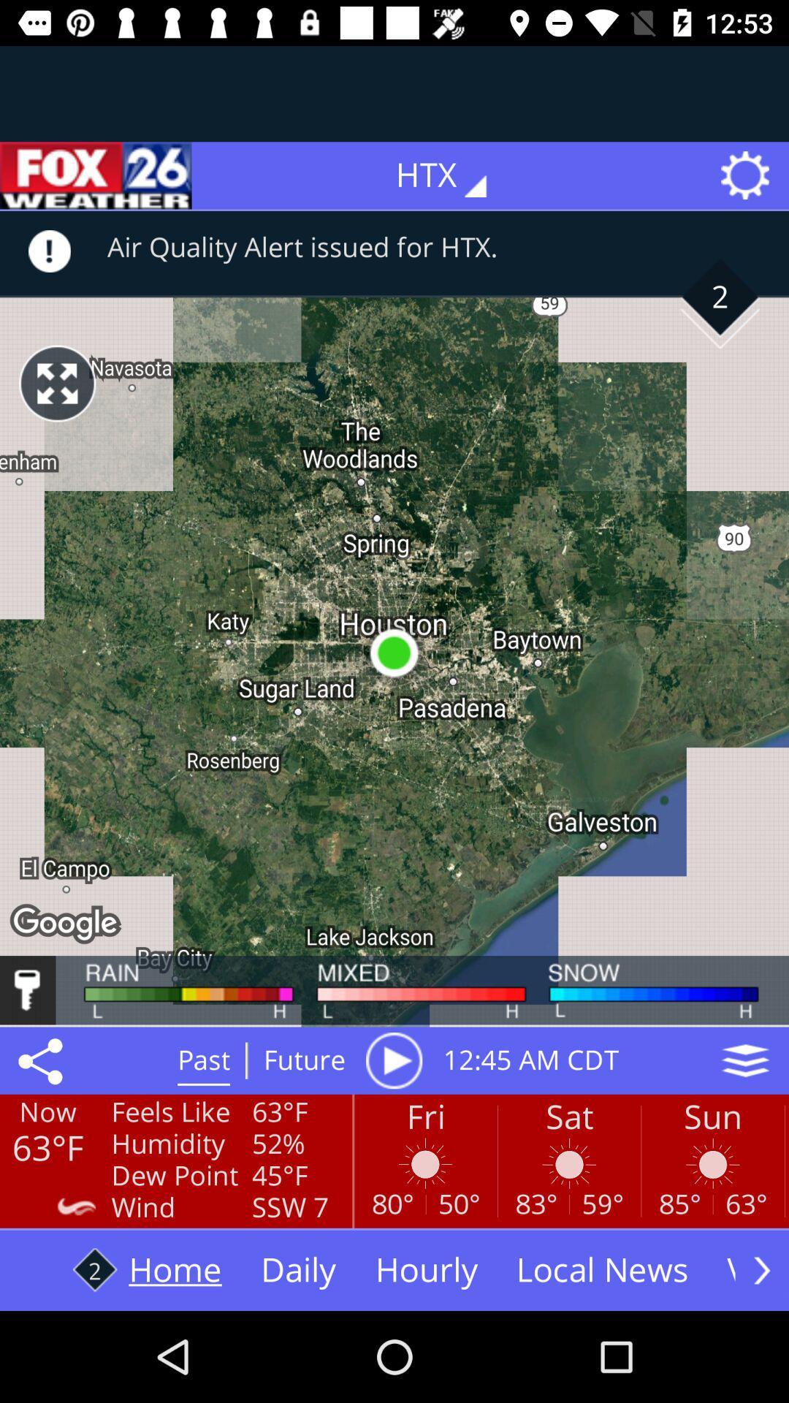  What do you see at coordinates (451, 175) in the screenshot?
I see `htx` at bounding box center [451, 175].